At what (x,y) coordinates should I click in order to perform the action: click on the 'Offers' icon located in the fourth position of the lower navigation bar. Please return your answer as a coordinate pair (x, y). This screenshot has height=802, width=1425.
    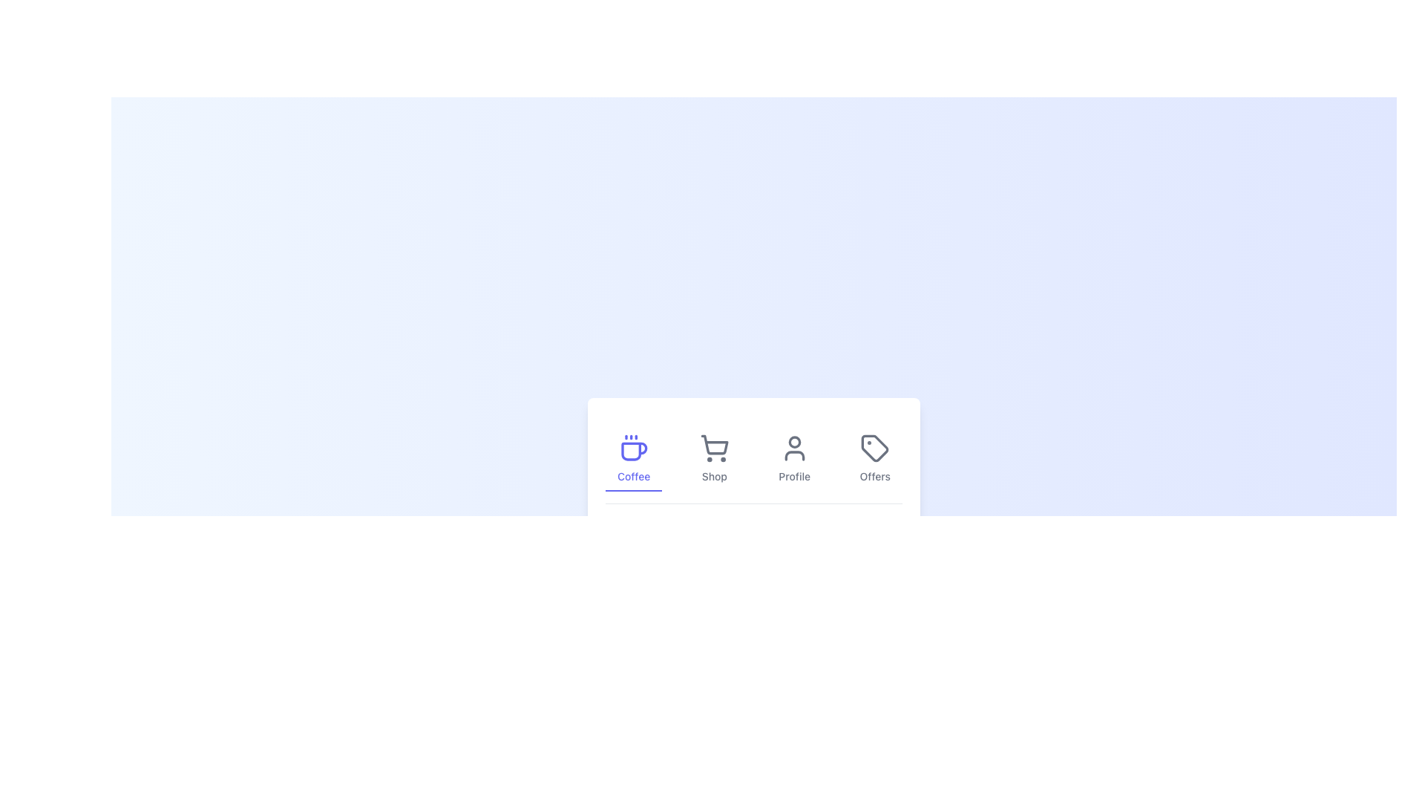
    Looking at the image, I should click on (875, 447).